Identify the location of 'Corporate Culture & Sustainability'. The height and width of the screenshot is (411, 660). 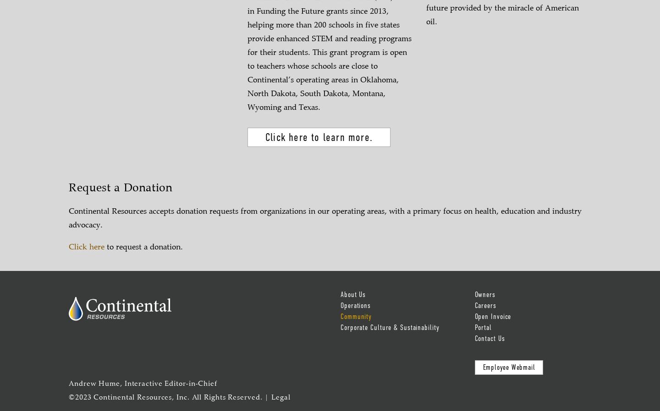
(389, 327).